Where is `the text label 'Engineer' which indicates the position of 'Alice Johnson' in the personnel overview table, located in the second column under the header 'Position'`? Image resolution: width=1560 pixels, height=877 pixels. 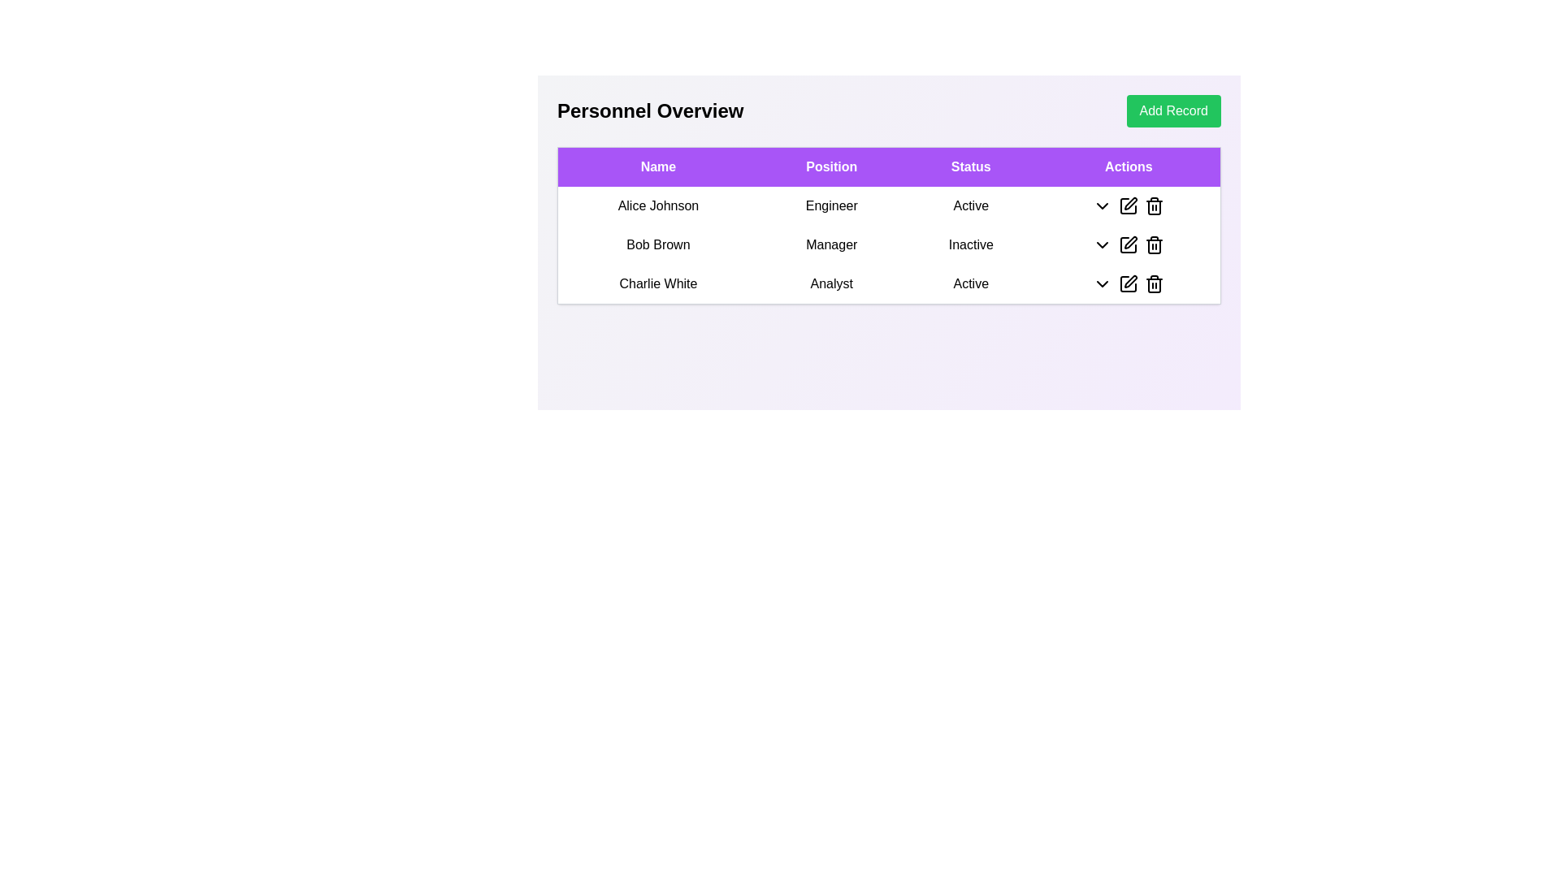
the text label 'Engineer' which indicates the position of 'Alice Johnson' in the personnel overview table, located in the second column under the header 'Position' is located at coordinates (831, 205).